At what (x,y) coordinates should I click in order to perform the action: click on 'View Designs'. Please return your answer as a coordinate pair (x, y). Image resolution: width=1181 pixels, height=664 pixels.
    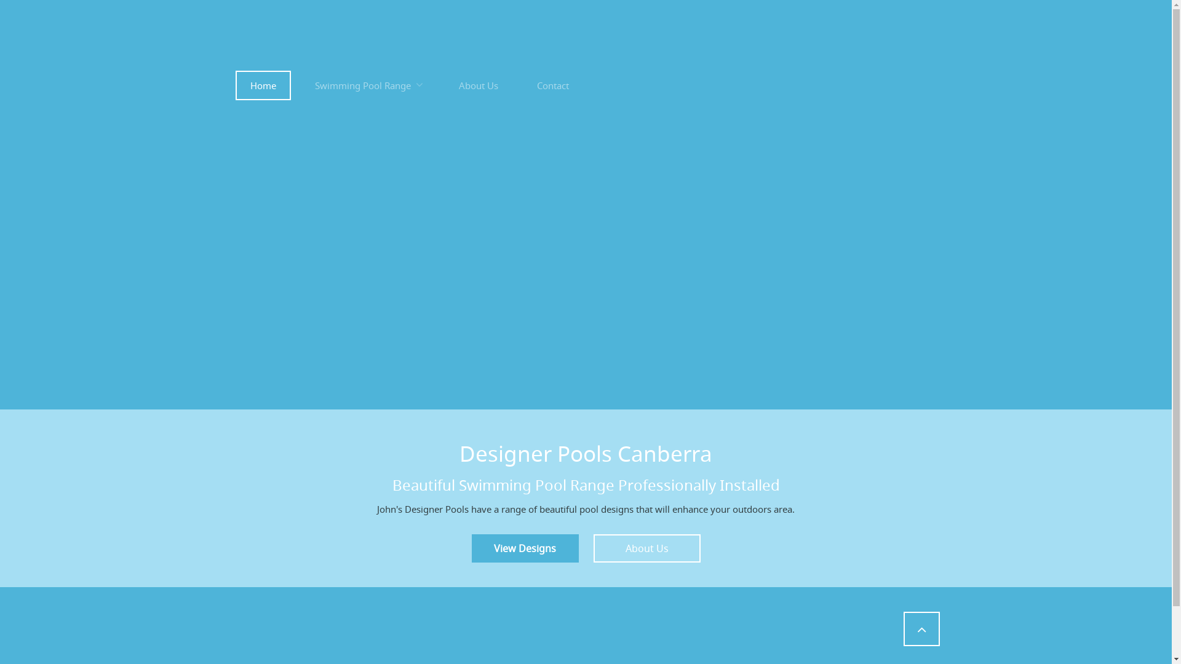
    Looking at the image, I should click on (471, 547).